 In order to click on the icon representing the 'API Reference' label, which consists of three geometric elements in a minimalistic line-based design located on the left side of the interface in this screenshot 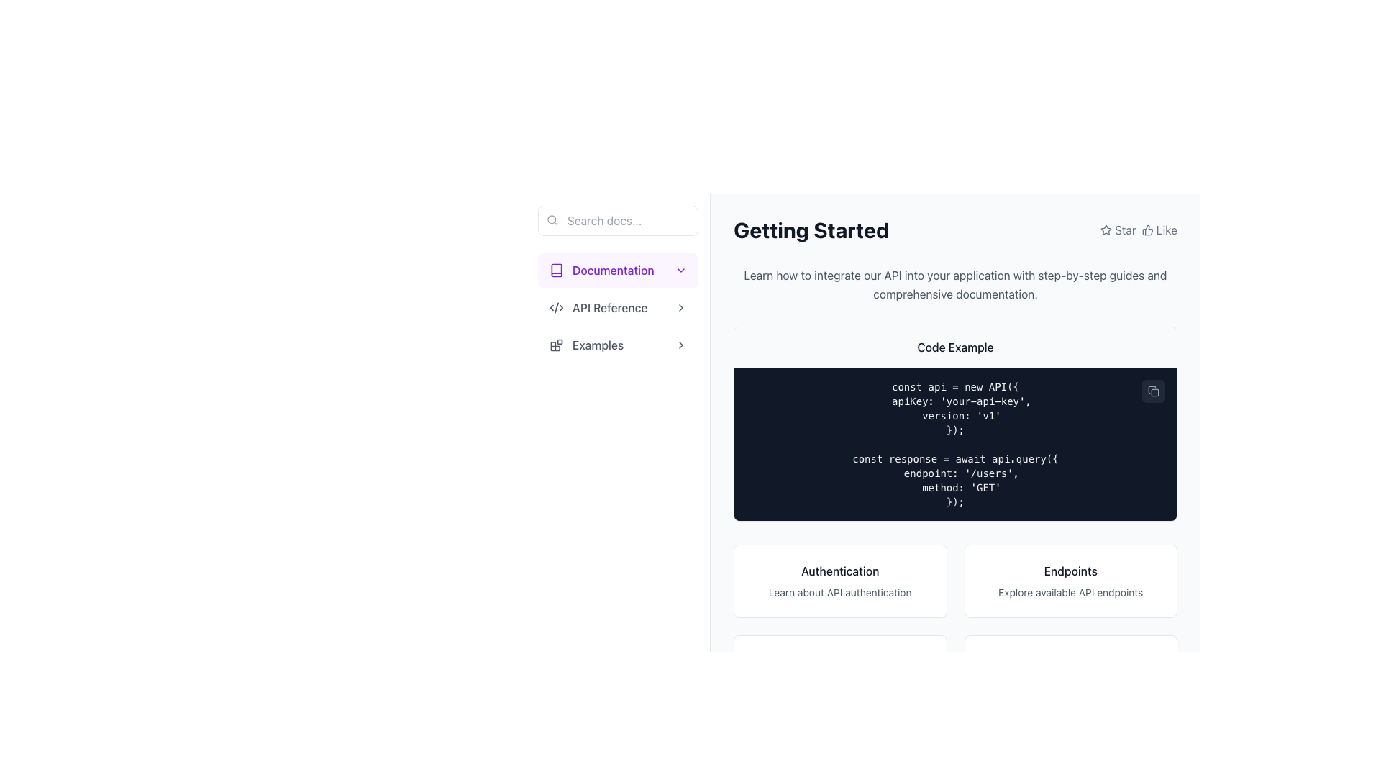, I will do `click(555, 307)`.